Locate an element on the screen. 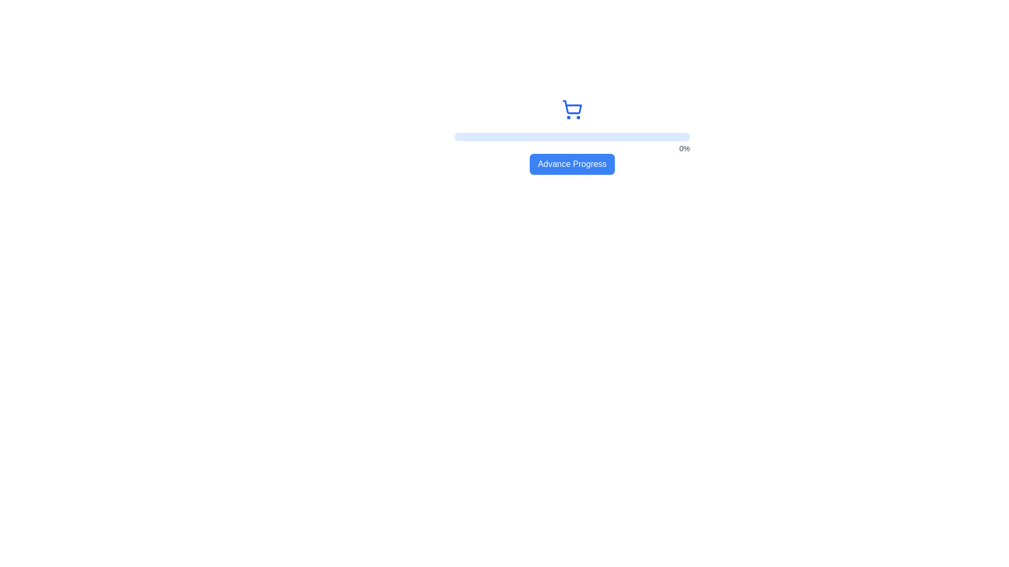  text value from the progress label indicating the progress level, which currently shows 0%. This label is located at the top-right corner of the progress bar is located at coordinates (684, 148).